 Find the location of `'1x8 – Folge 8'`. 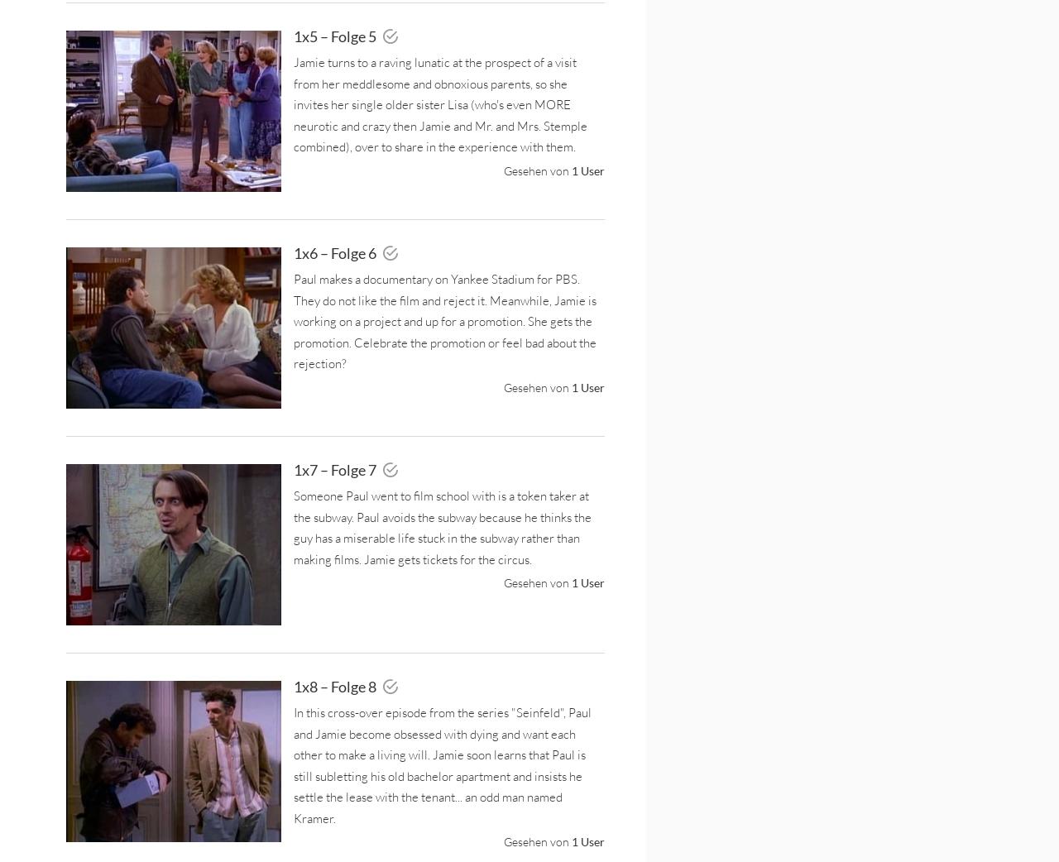

'1x8 – Folge 8' is located at coordinates (293, 686).